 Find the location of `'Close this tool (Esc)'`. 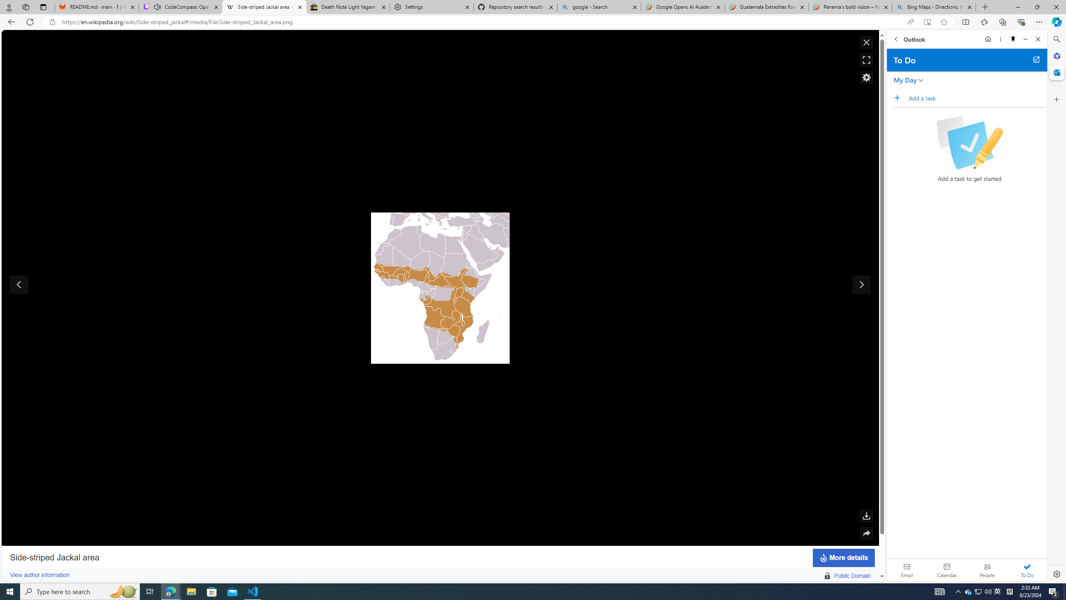

'Close this tool (Esc)' is located at coordinates (866, 42).